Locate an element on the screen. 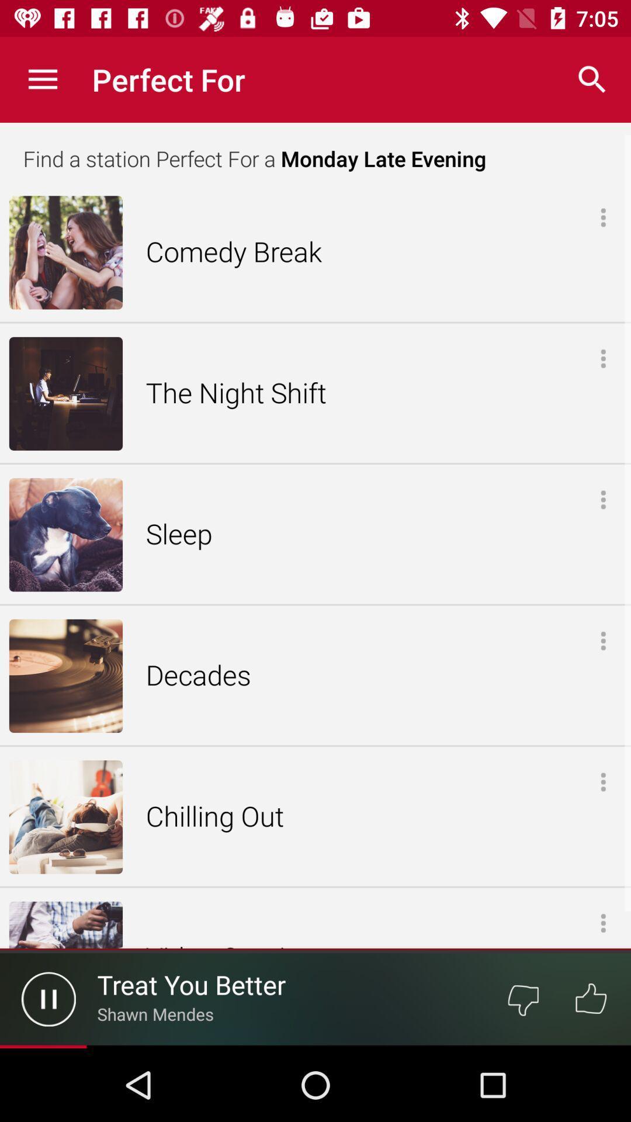 Image resolution: width=631 pixels, height=1122 pixels. the sixth image is located at coordinates (65, 924).